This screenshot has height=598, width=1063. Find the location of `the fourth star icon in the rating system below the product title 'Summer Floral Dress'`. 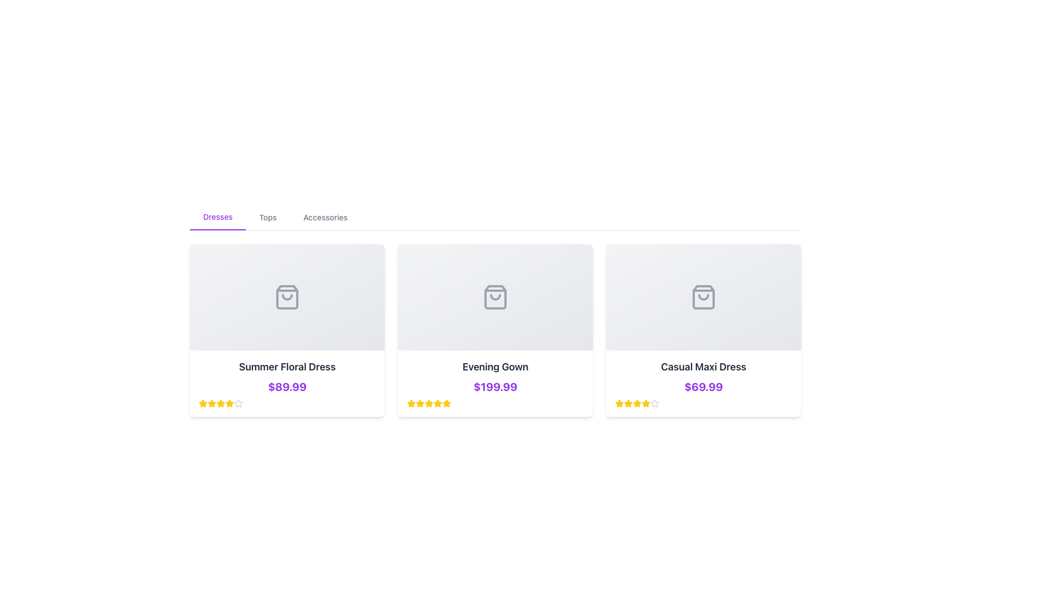

the fourth star icon in the rating system below the product title 'Summer Floral Dress' is located at coordinates (220, 404).